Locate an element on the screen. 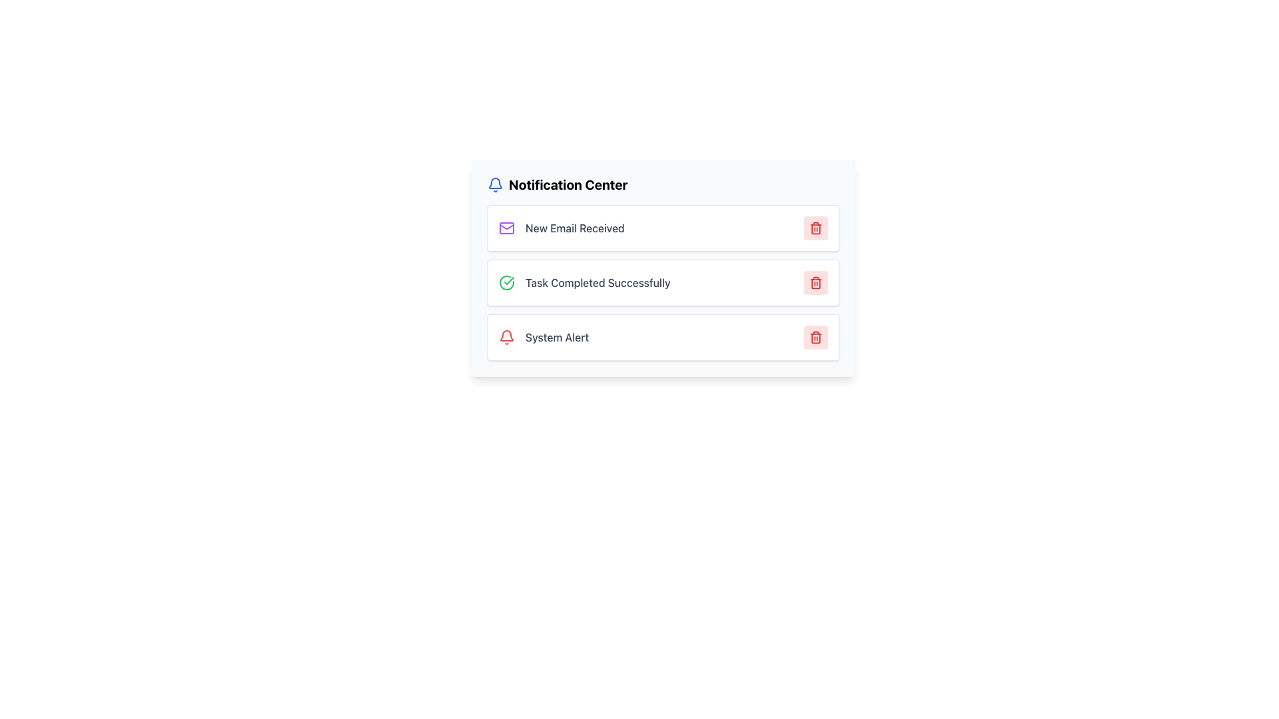 The image size is (1279, 719). the bold, large-sized text label displaying 'Notification Center' located to the right of the blue bell icon in the notification panel is located at coordinates (568, 184).